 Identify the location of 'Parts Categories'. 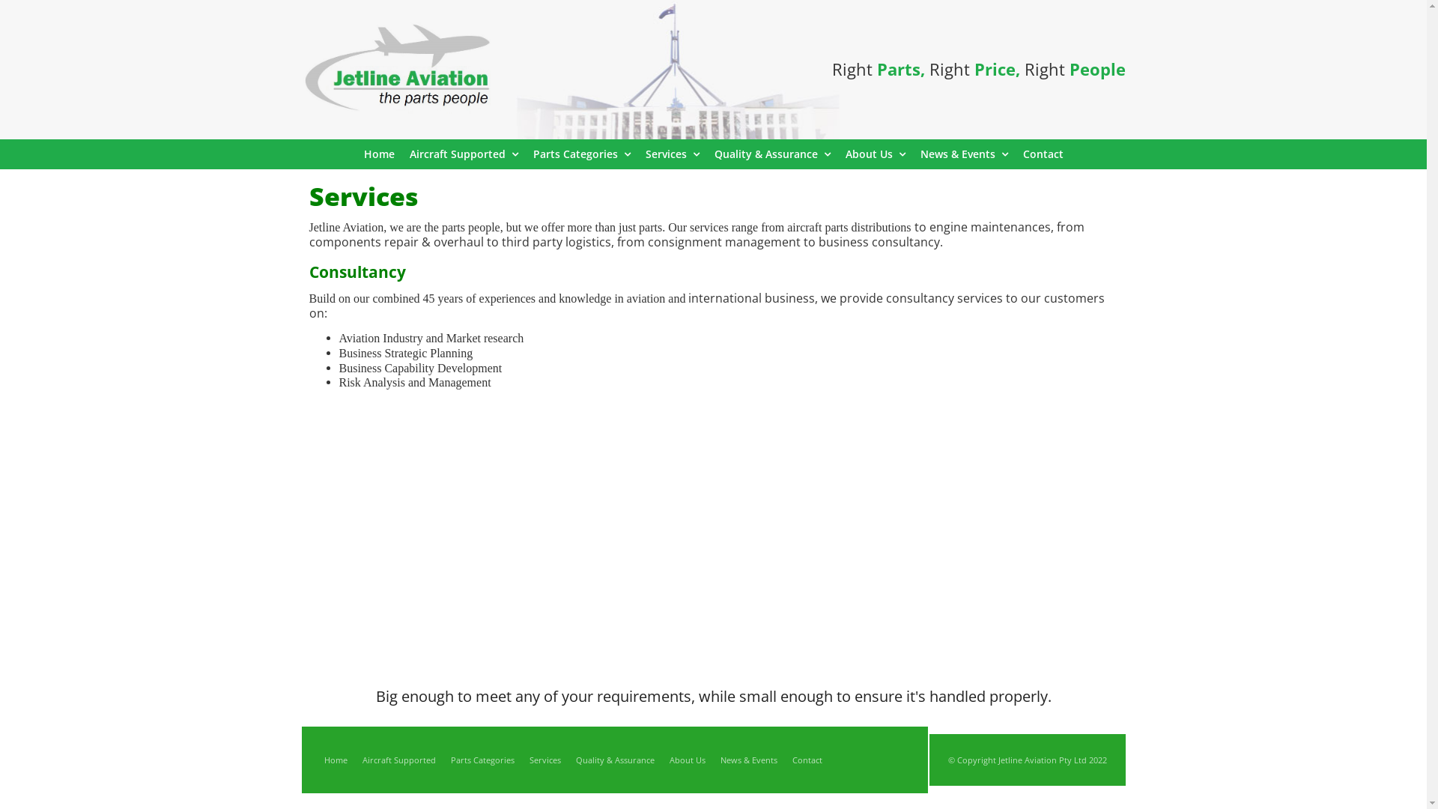
(482, 760).